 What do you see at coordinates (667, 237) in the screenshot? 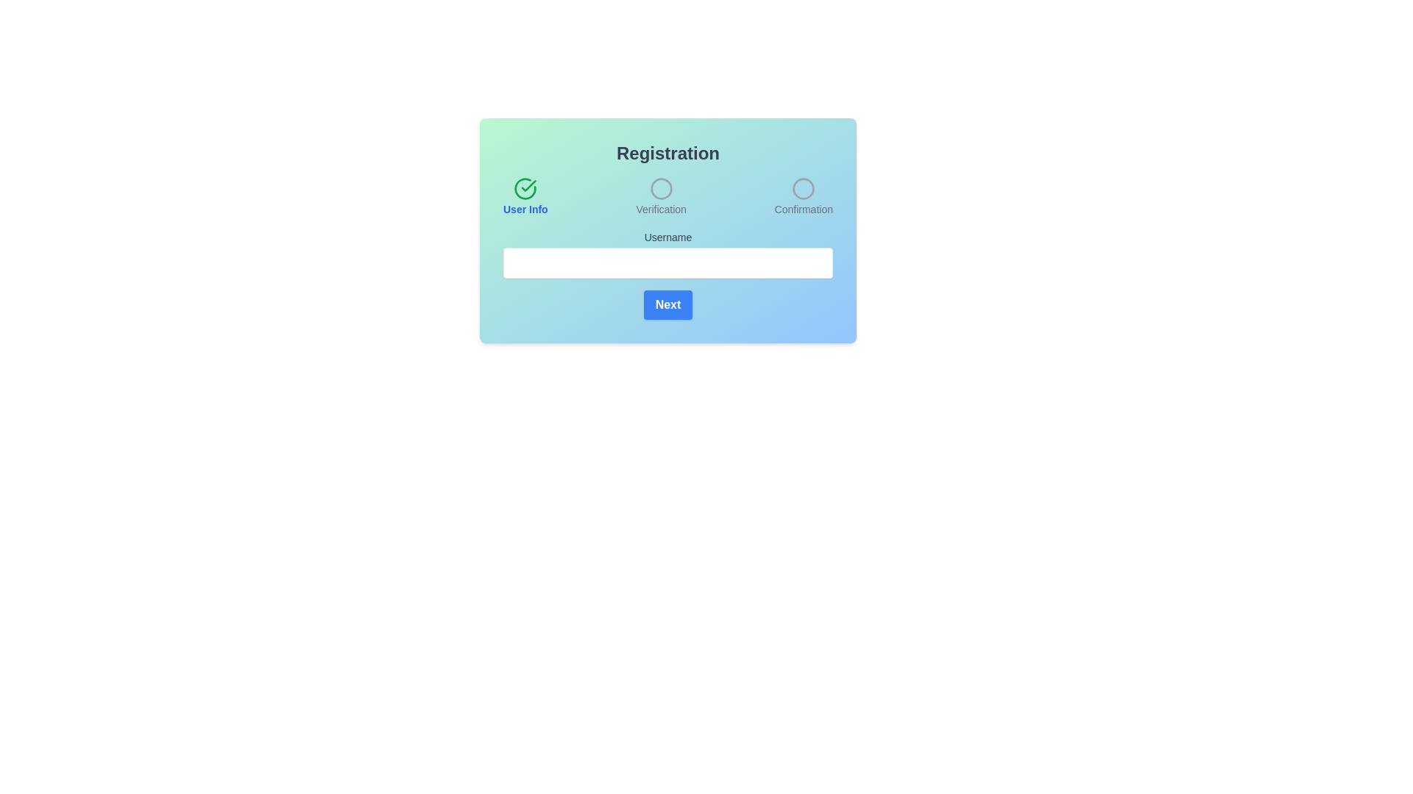
I see `the Text Label that provides context for the text input field below it, located above the text input field and below the 'User Info' header` at bounding box center [667, 237].